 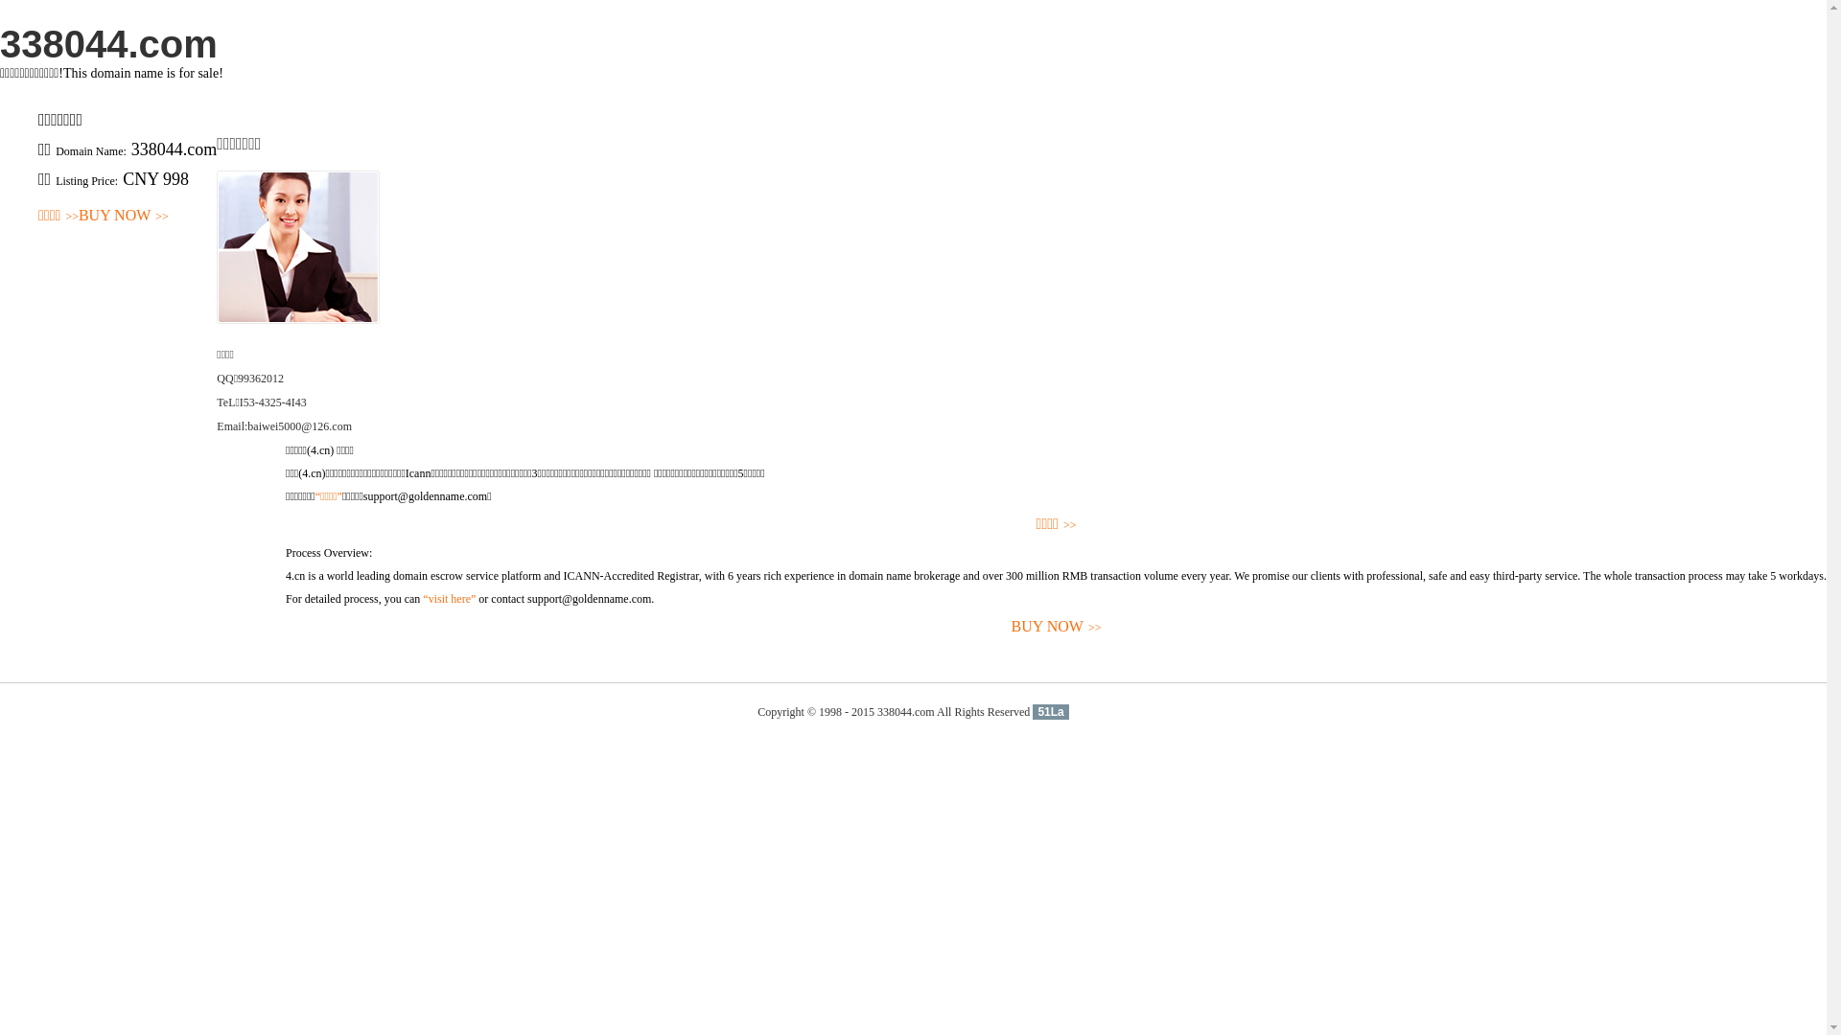 I want to click on '51La', so click(x=1049, y=712).